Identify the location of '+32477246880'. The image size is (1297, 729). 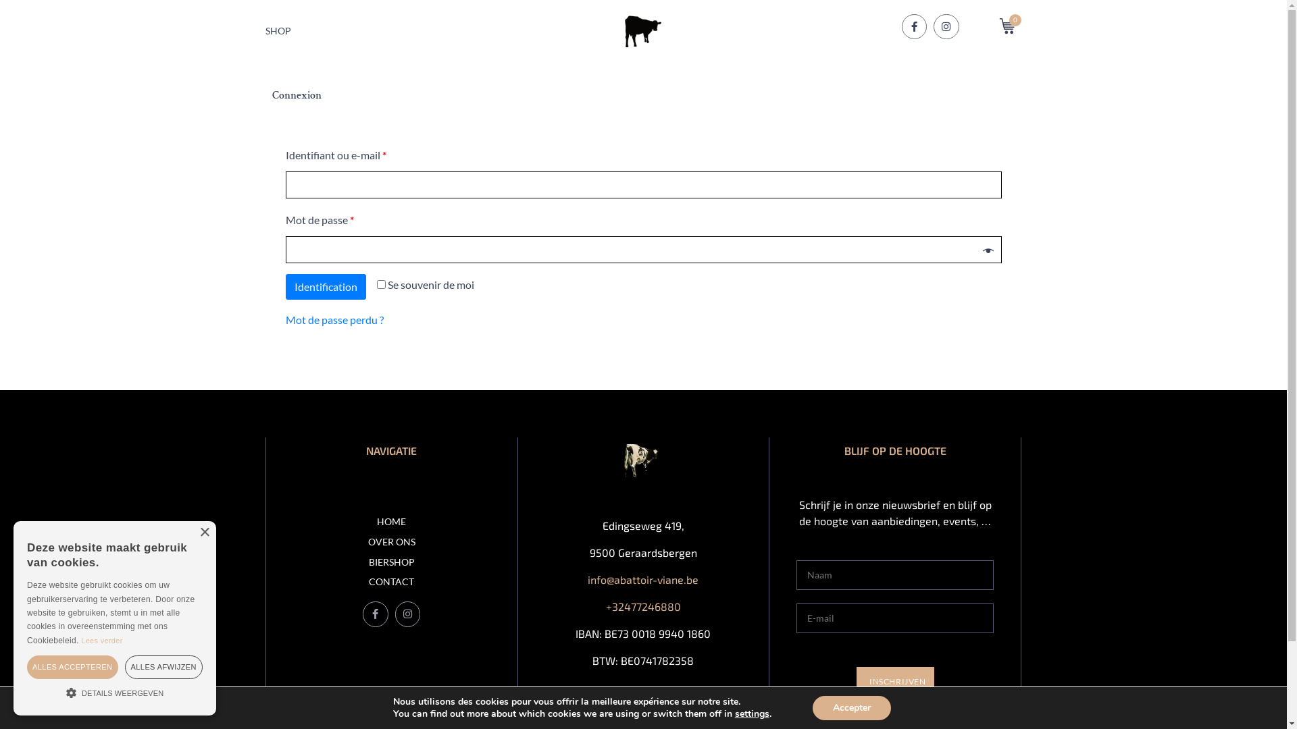
(642, 605).